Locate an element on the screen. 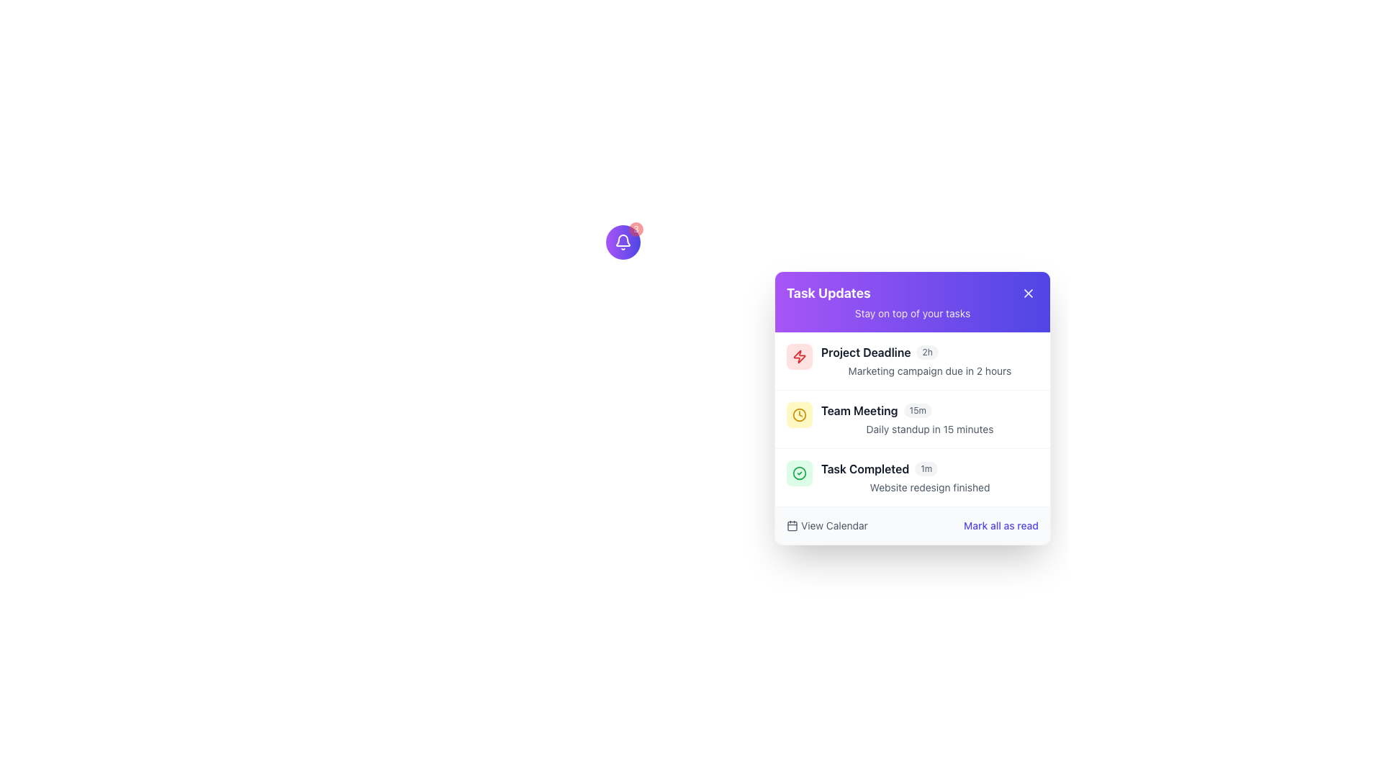 The width and height of the screenshot is (1382, 777). the circular notification button featuring a white bell icon and a red badge with '3' is located at coordinates (623, 241).